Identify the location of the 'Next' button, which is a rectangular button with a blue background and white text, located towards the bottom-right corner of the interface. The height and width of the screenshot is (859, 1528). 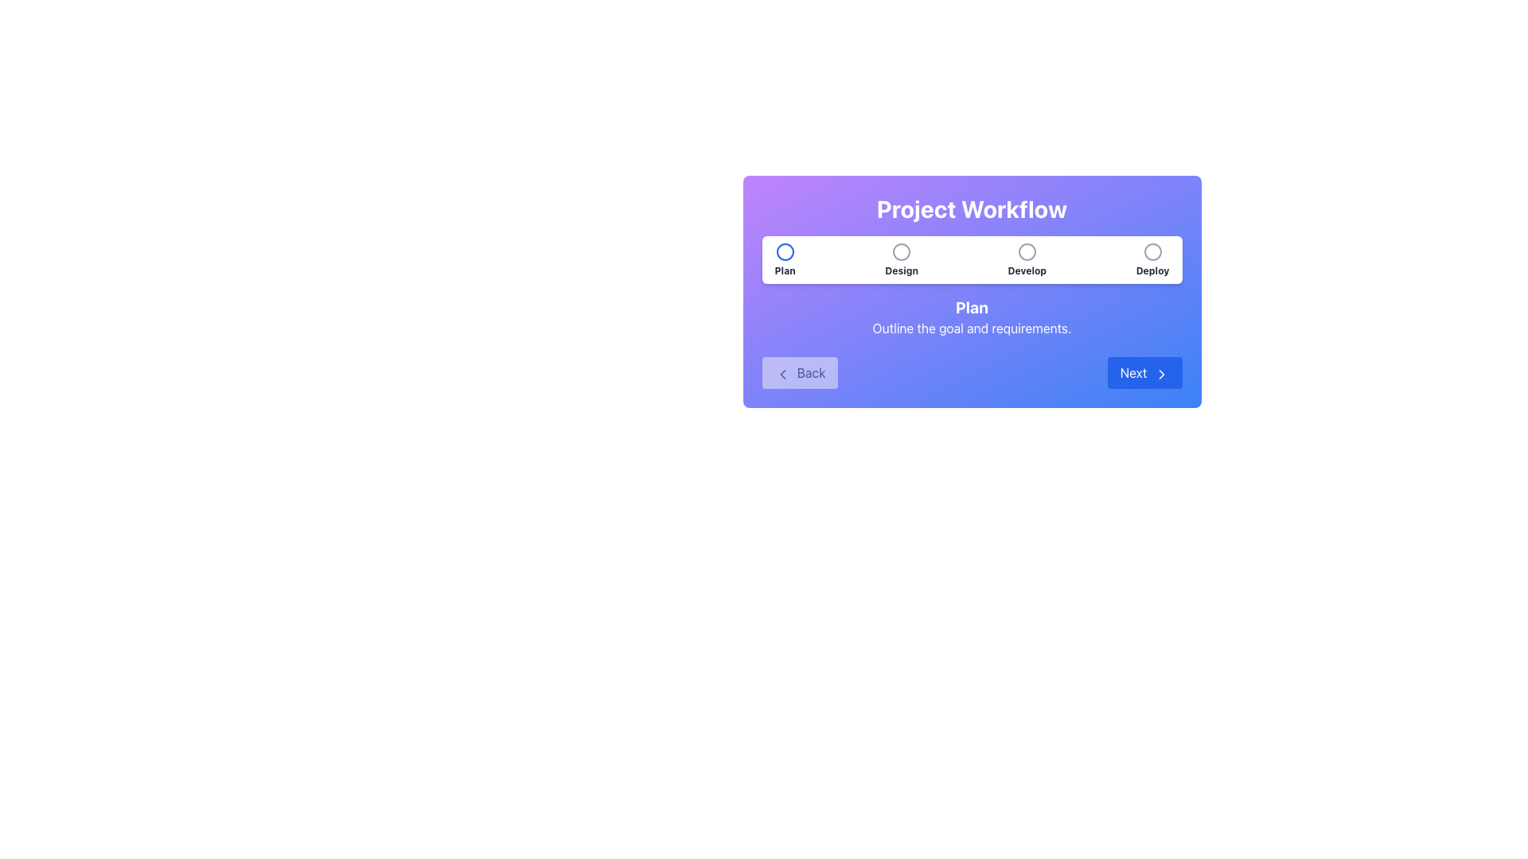
(1144, 373).